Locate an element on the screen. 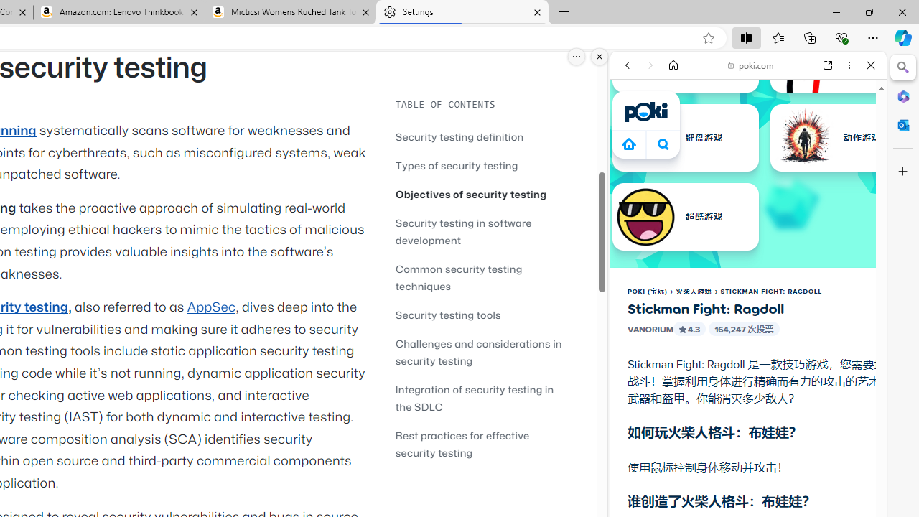 This screenshot has width=919, height=517. 'Security testing definition' is located at coordinates (481, 136).